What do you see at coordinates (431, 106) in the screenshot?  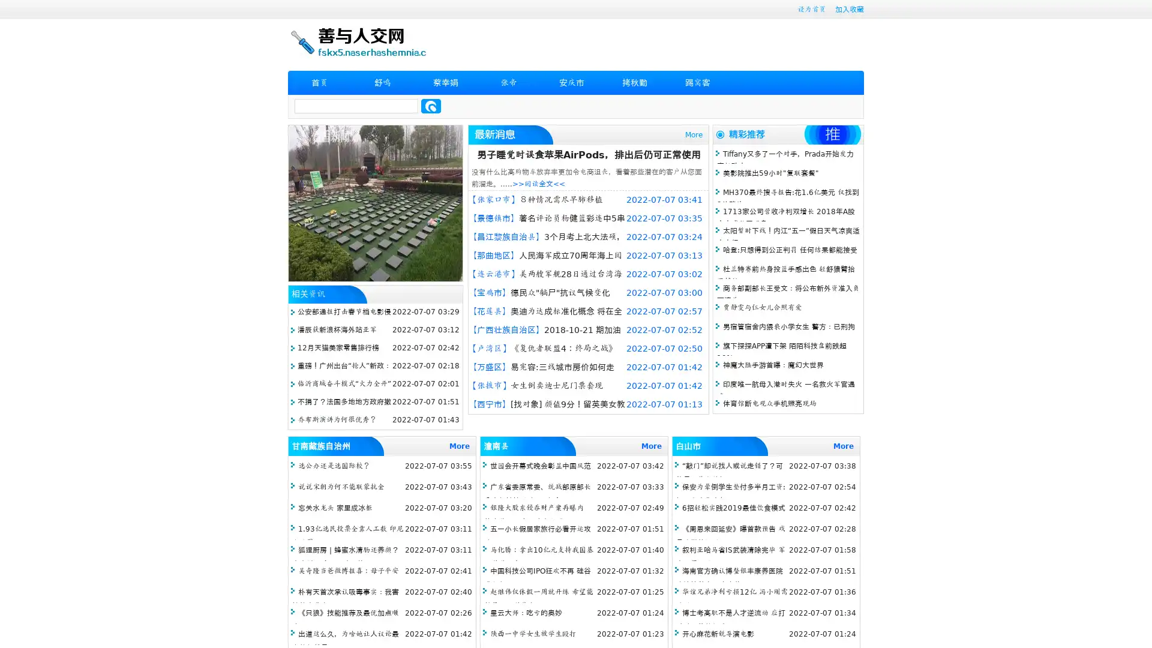 I see `Search` at bounding box center [431, 106].